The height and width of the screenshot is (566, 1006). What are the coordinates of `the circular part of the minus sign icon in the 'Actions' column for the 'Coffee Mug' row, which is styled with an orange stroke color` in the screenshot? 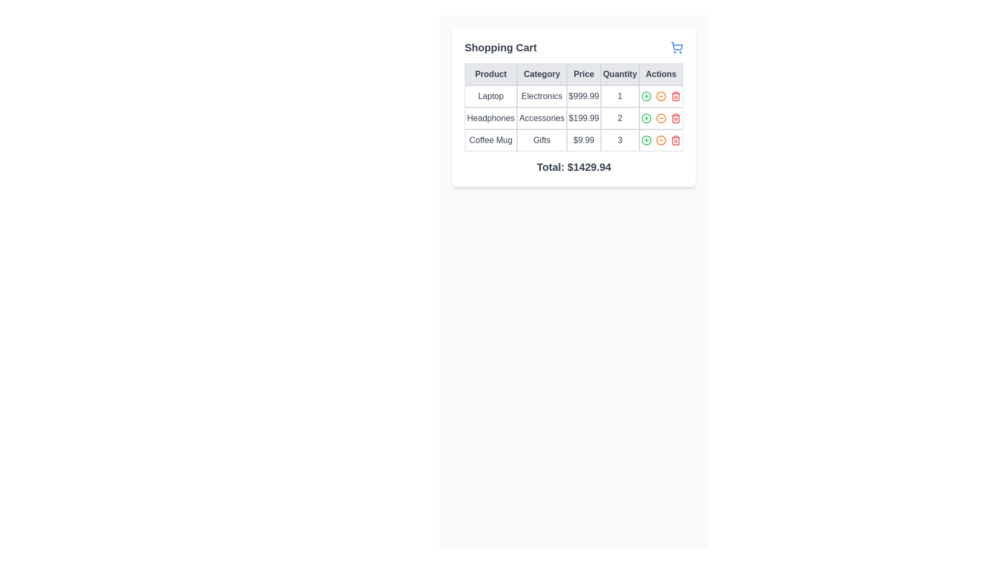 It's located at (660, 96).